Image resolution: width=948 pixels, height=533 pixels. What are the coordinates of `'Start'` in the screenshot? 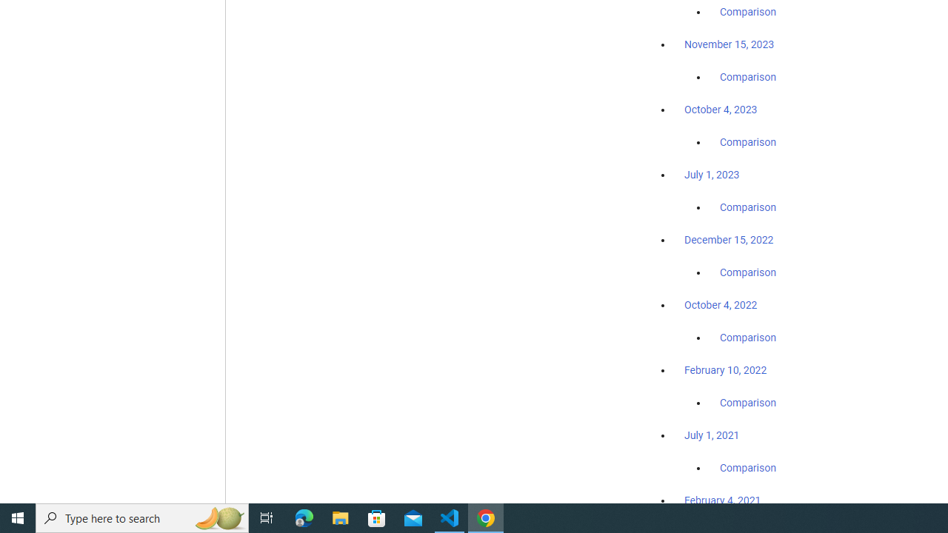 It's located at (18, 517).